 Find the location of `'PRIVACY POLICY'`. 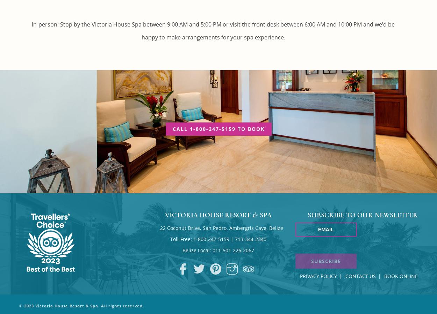

'PRIVACY POLICY' is located at coordinates (318, 276).